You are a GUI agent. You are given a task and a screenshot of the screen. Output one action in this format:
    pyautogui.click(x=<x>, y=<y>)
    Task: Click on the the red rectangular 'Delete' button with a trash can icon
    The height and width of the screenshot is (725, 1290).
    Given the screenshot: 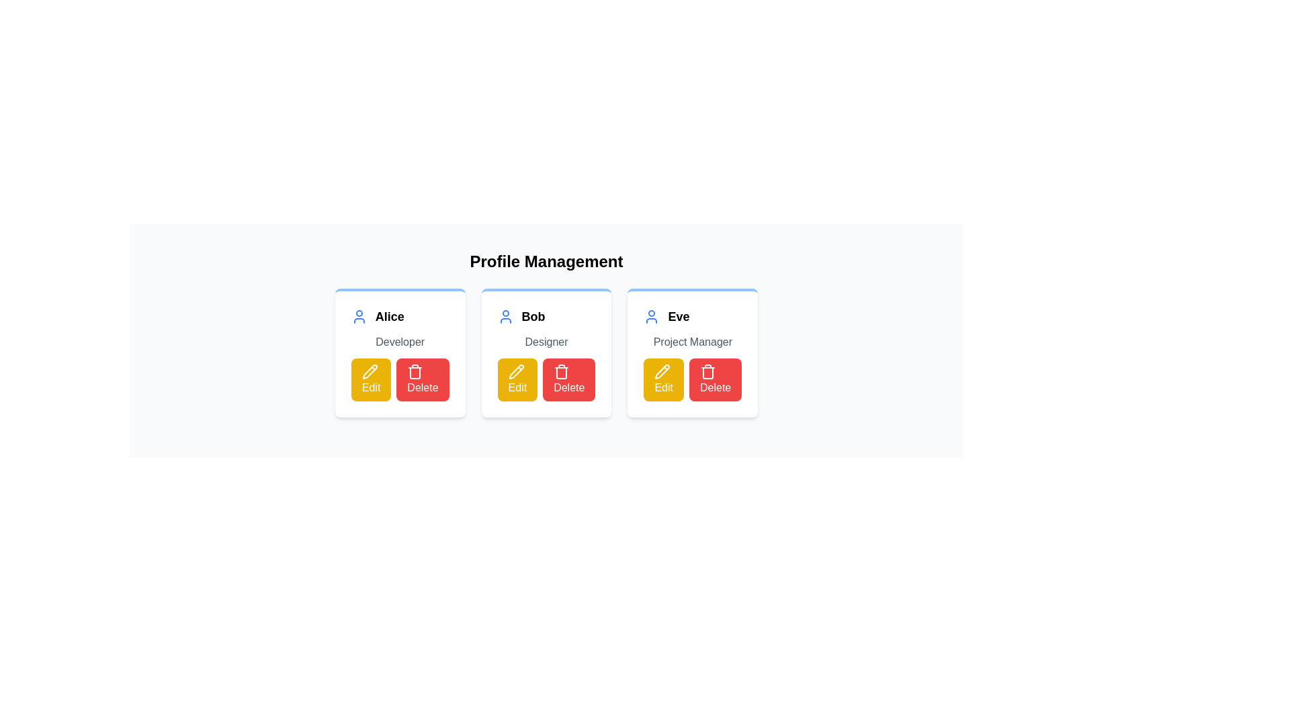 What is the action you would take?
    pyautogui.click(x=715, y=380)
    